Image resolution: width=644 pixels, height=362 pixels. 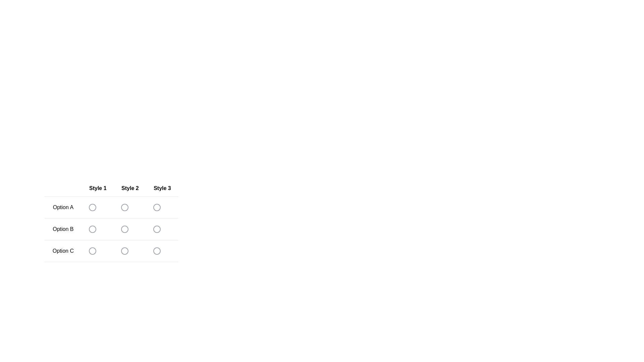 What do you see at coordinates (92, 251) in the screenshot?
I see `the circular option located in the row for 'Option C' under the 'Style 1' column` at bounding box center [92, 251].